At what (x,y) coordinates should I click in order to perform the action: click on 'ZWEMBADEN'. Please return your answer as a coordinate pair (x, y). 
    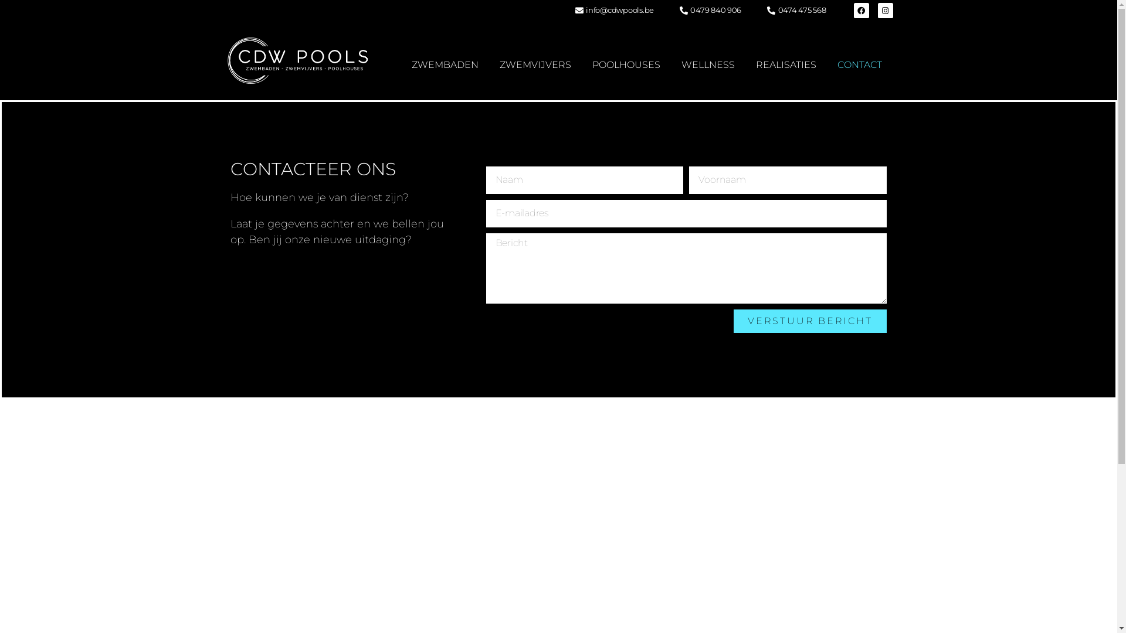
    Looking at the image, I should click on (444, 65).